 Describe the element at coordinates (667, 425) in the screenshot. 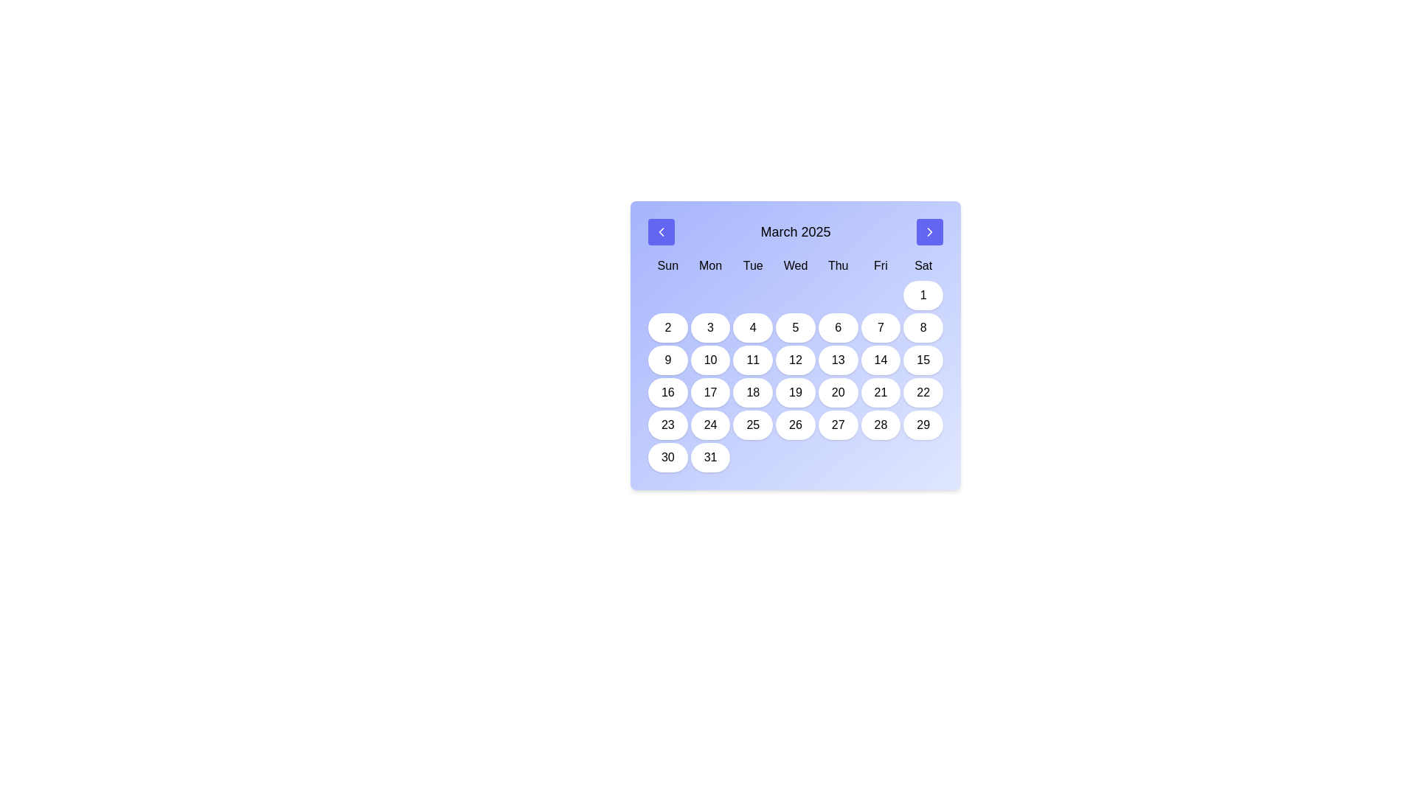

I see `the button representing the 23rd day on the calendar` at that location.